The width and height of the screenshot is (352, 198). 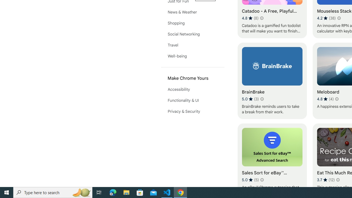 I want to click on 'Learn more about results and reviews "BrainBrake"', so click(x=262, y=99).